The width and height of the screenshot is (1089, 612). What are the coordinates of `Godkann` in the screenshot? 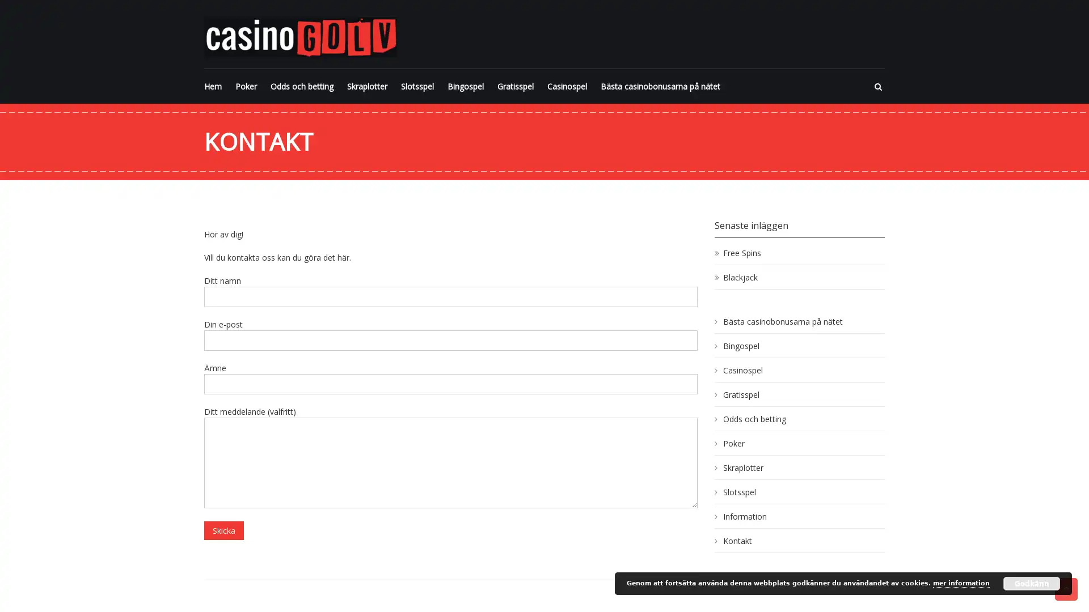 It's located at (1032, 583).